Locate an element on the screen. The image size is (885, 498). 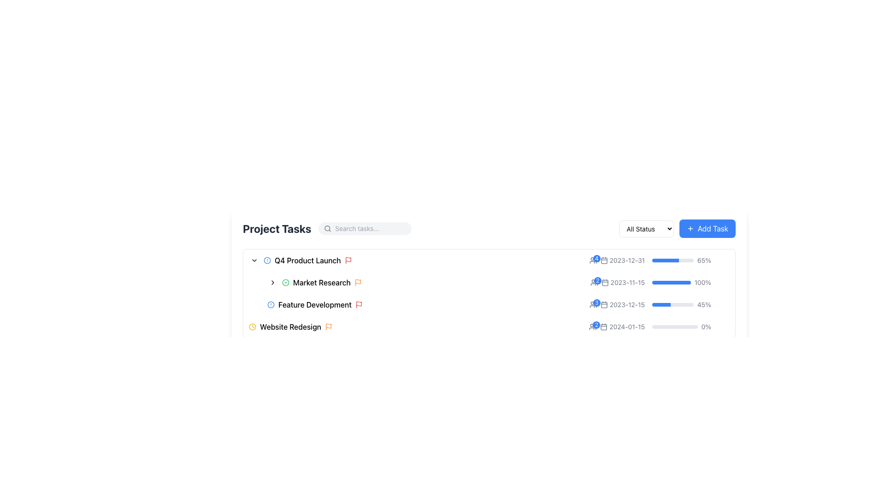
the button located at the leftmost side of the 'Market Research' row in the project task list is located at coordinates (272, 282).